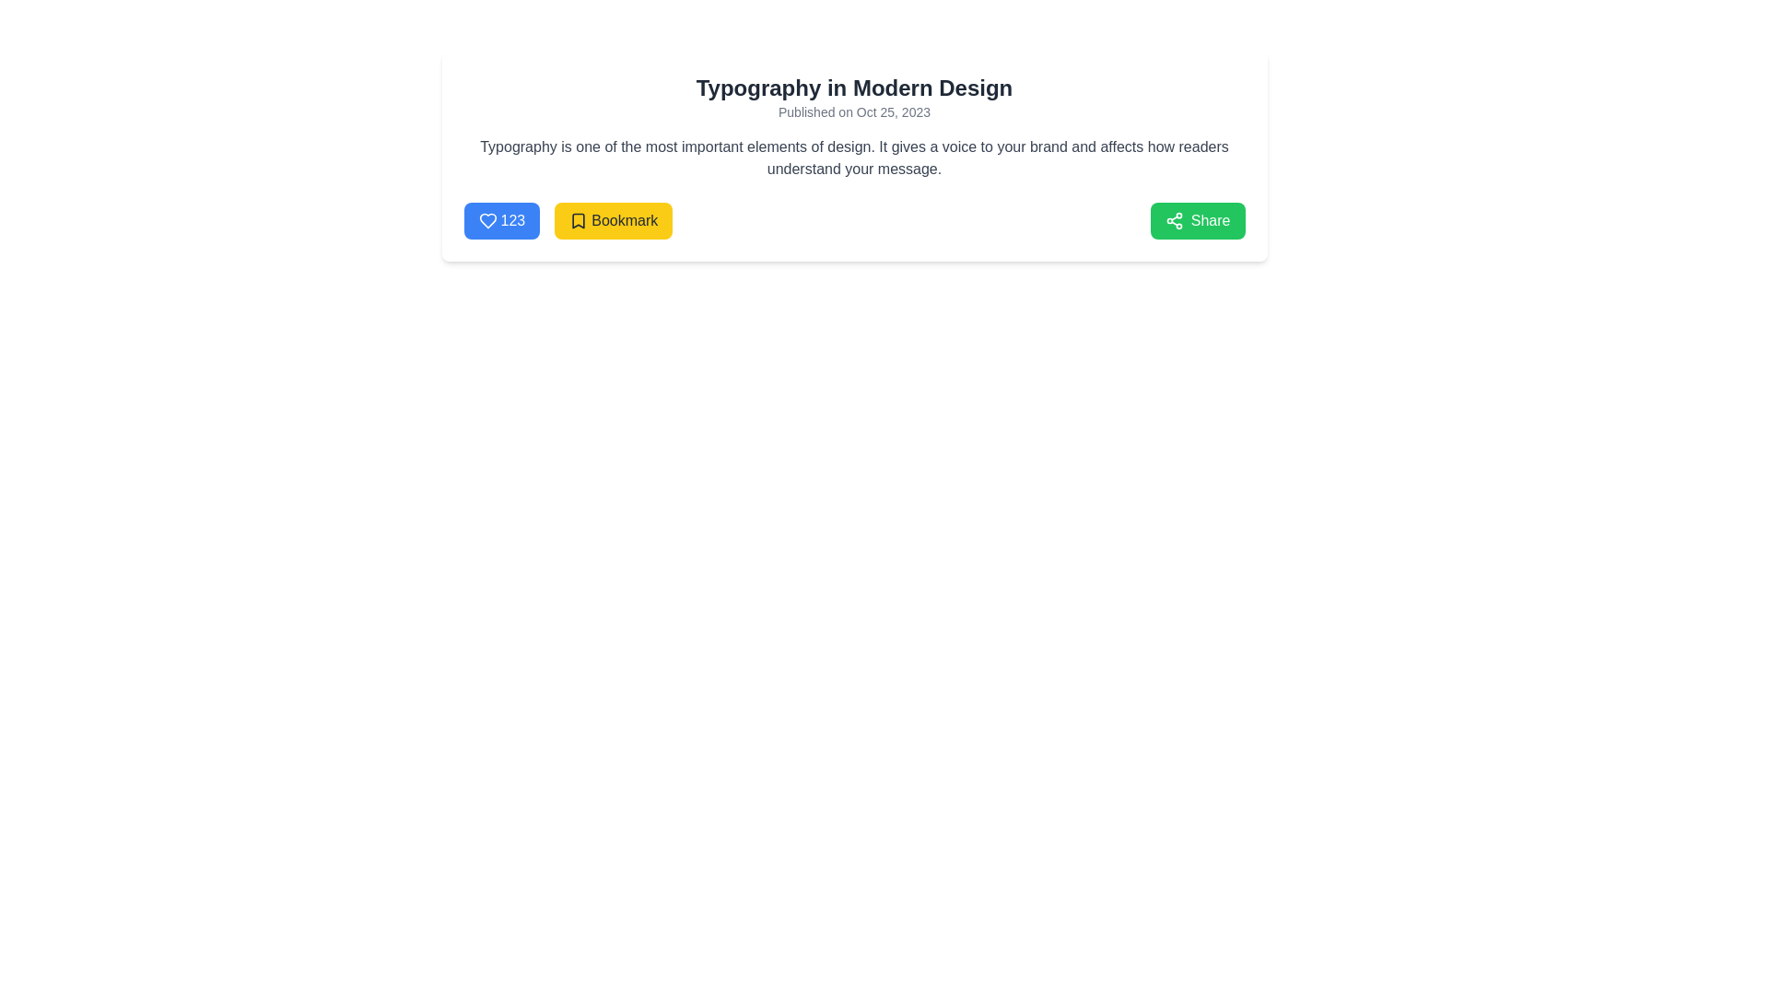 The height and width of the screenshot is (995, 1769). What do you see at coordinates (487, 219) in the screenshot?
I see `the SVG icon for the 'like' or 'favorite' function located on the left side of the action bar beneath the main content heading, adjacent to the numerical label '123'` at bounding box center [487, 219].